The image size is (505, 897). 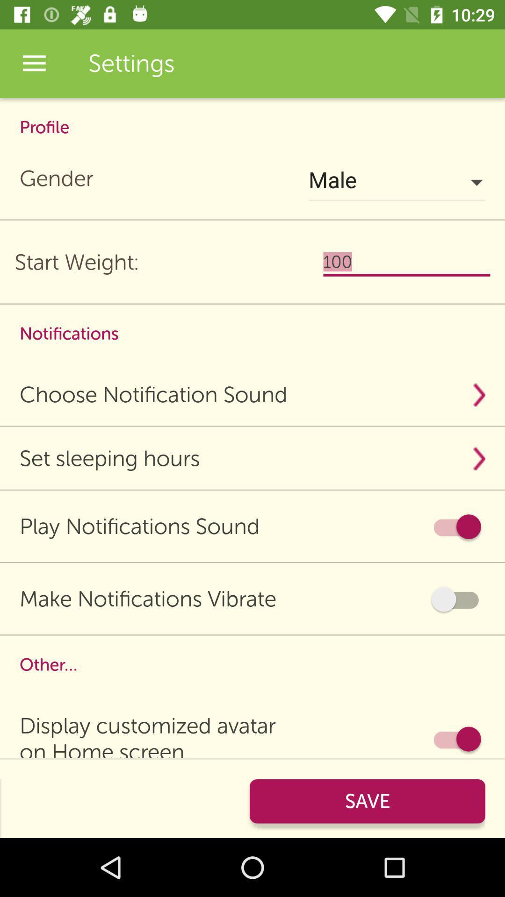 I want to click on the item below the set sleeping hours item, so click(x=455, y=527).